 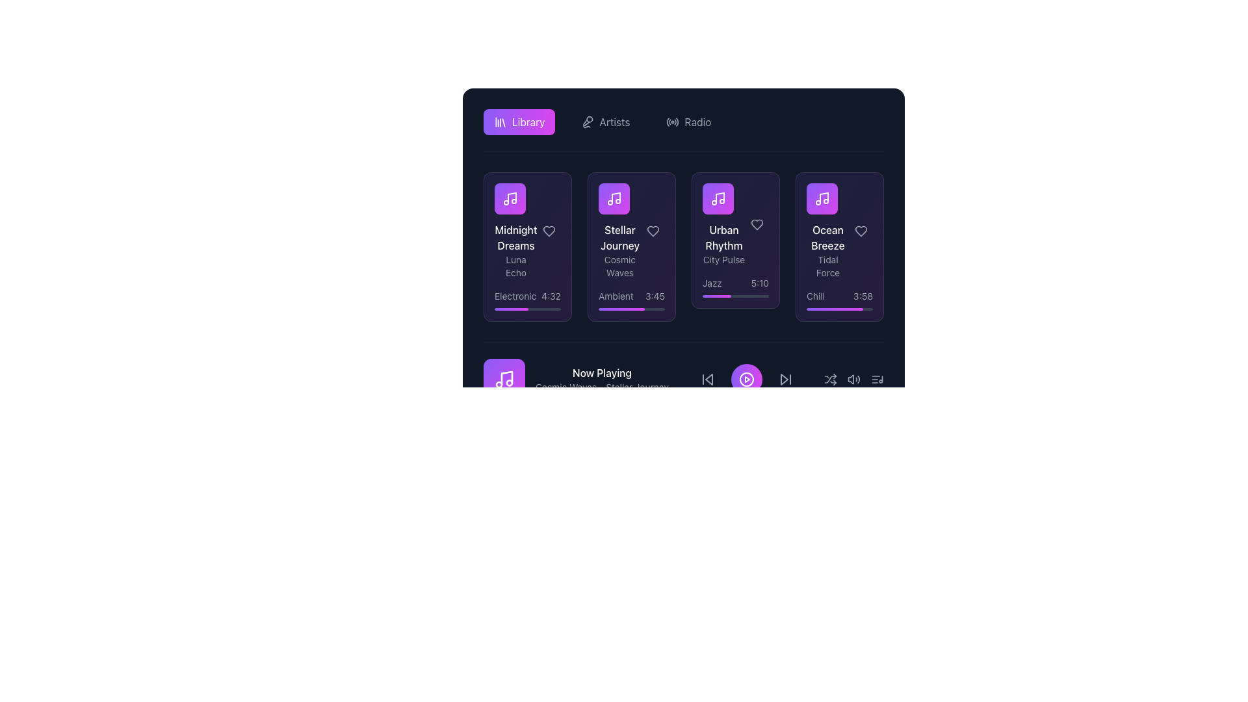 I want to click on the title and subtitle display element that shows the title and artist of a music track in the Library section, which is the first card in the horizontally-scrolling list, so click(x=515, y=230).